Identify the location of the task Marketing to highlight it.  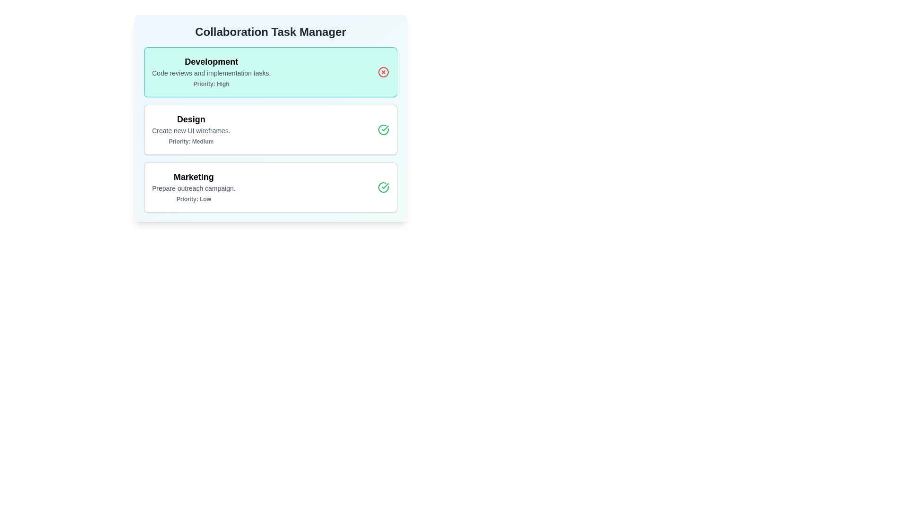
(270, 187).